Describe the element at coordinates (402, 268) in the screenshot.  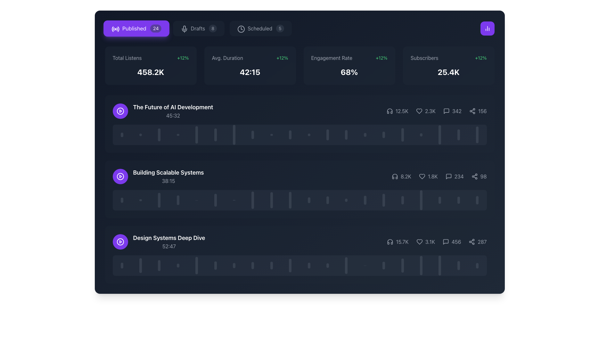
I see `the vertical slider` at that location.